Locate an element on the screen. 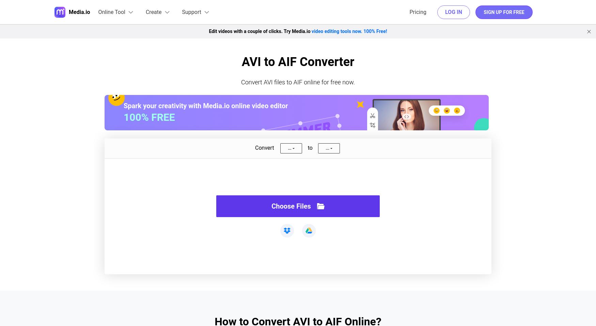  'Edit videos with a couple of clicks. Try Media.io' is located at coordinates (260, 31).